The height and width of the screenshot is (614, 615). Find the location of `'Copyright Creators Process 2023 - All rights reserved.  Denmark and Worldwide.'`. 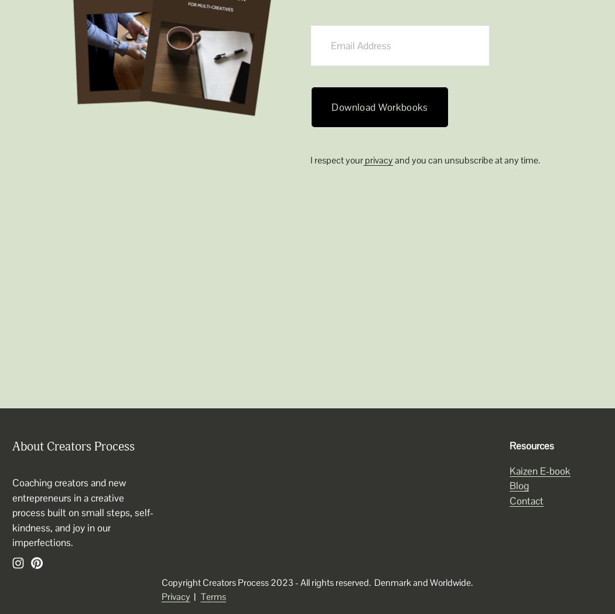

'Copyright Creators Process 2023 - All rights reserved.  Denmark and Worldwide.' is located at coordinates (319, 582).